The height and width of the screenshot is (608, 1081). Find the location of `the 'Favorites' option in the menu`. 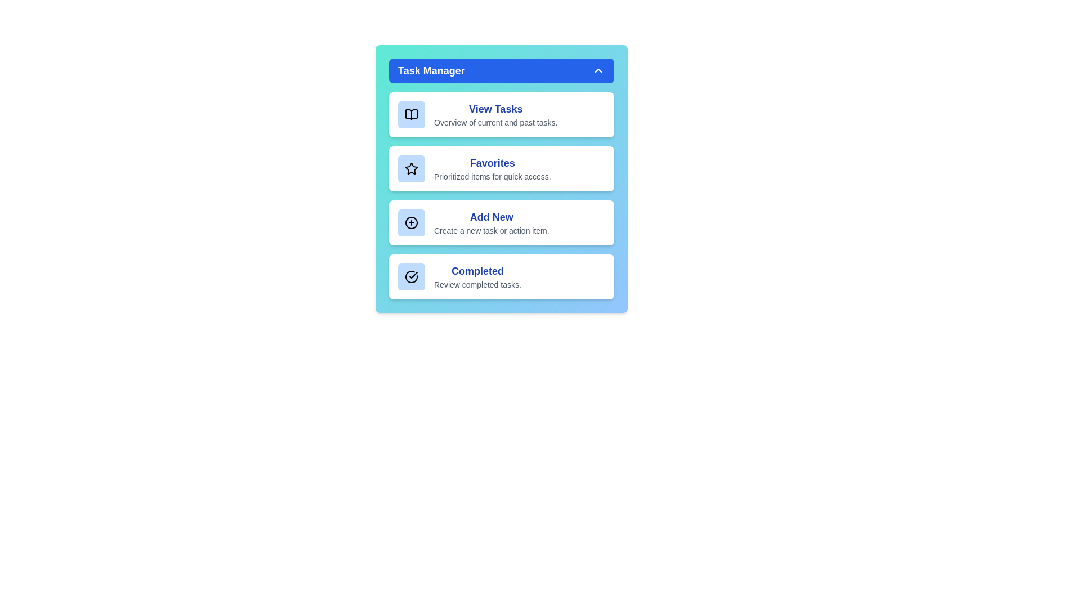

the 'Favorites' option in the menu is located at coordinates (501, 169).